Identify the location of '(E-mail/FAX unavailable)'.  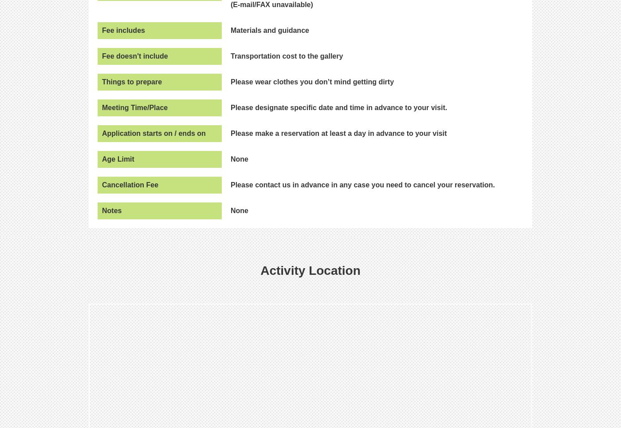
(271, 4).